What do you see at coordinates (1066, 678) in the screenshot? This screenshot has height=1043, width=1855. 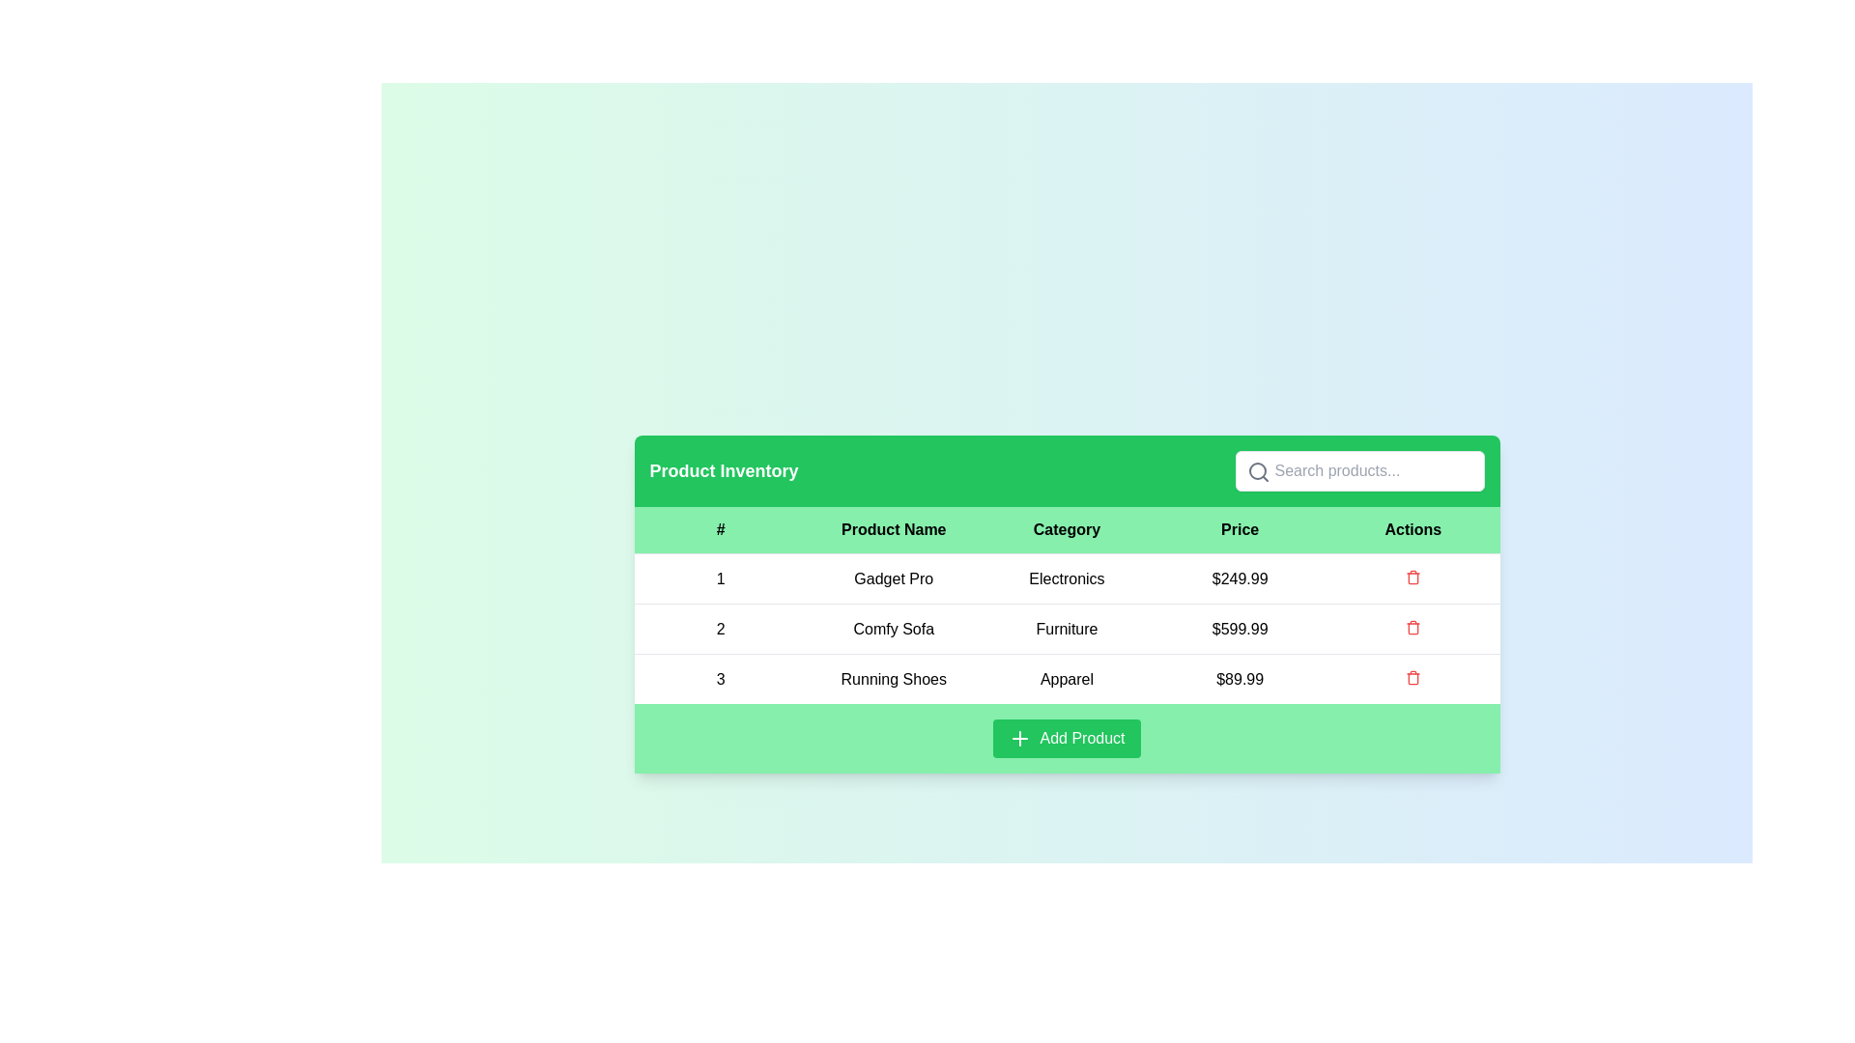 I see `product details from the third row of the product inventory table, which includes the product name 'Running Shoes', category 'Apparel', and price '$89.99'` at bounding box center [1066, 678].